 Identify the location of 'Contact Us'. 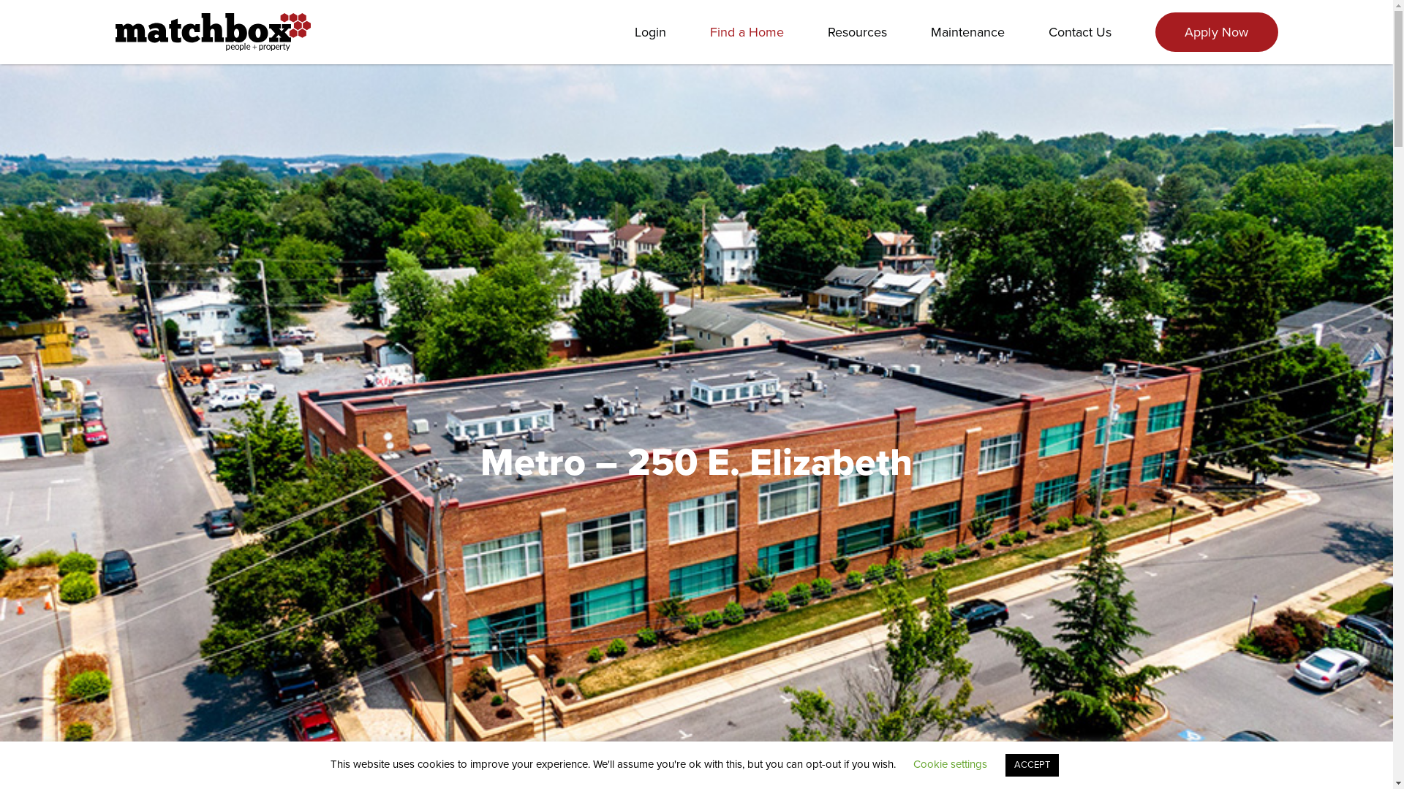
(1080, 32).